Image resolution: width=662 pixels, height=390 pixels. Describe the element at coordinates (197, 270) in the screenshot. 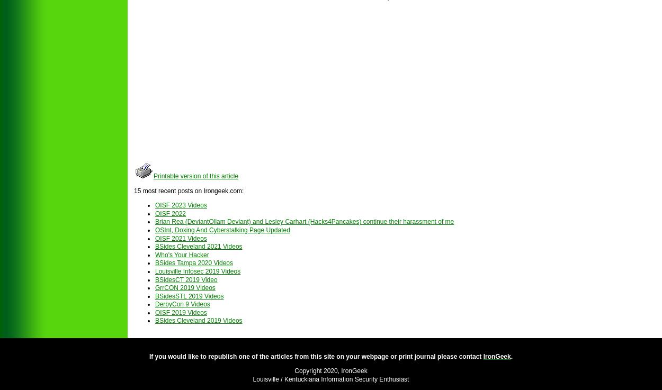

I see `'Louisville Infosec 2019 Videos'` at that location.